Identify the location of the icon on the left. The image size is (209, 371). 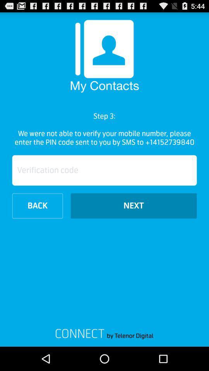
(37, 205).